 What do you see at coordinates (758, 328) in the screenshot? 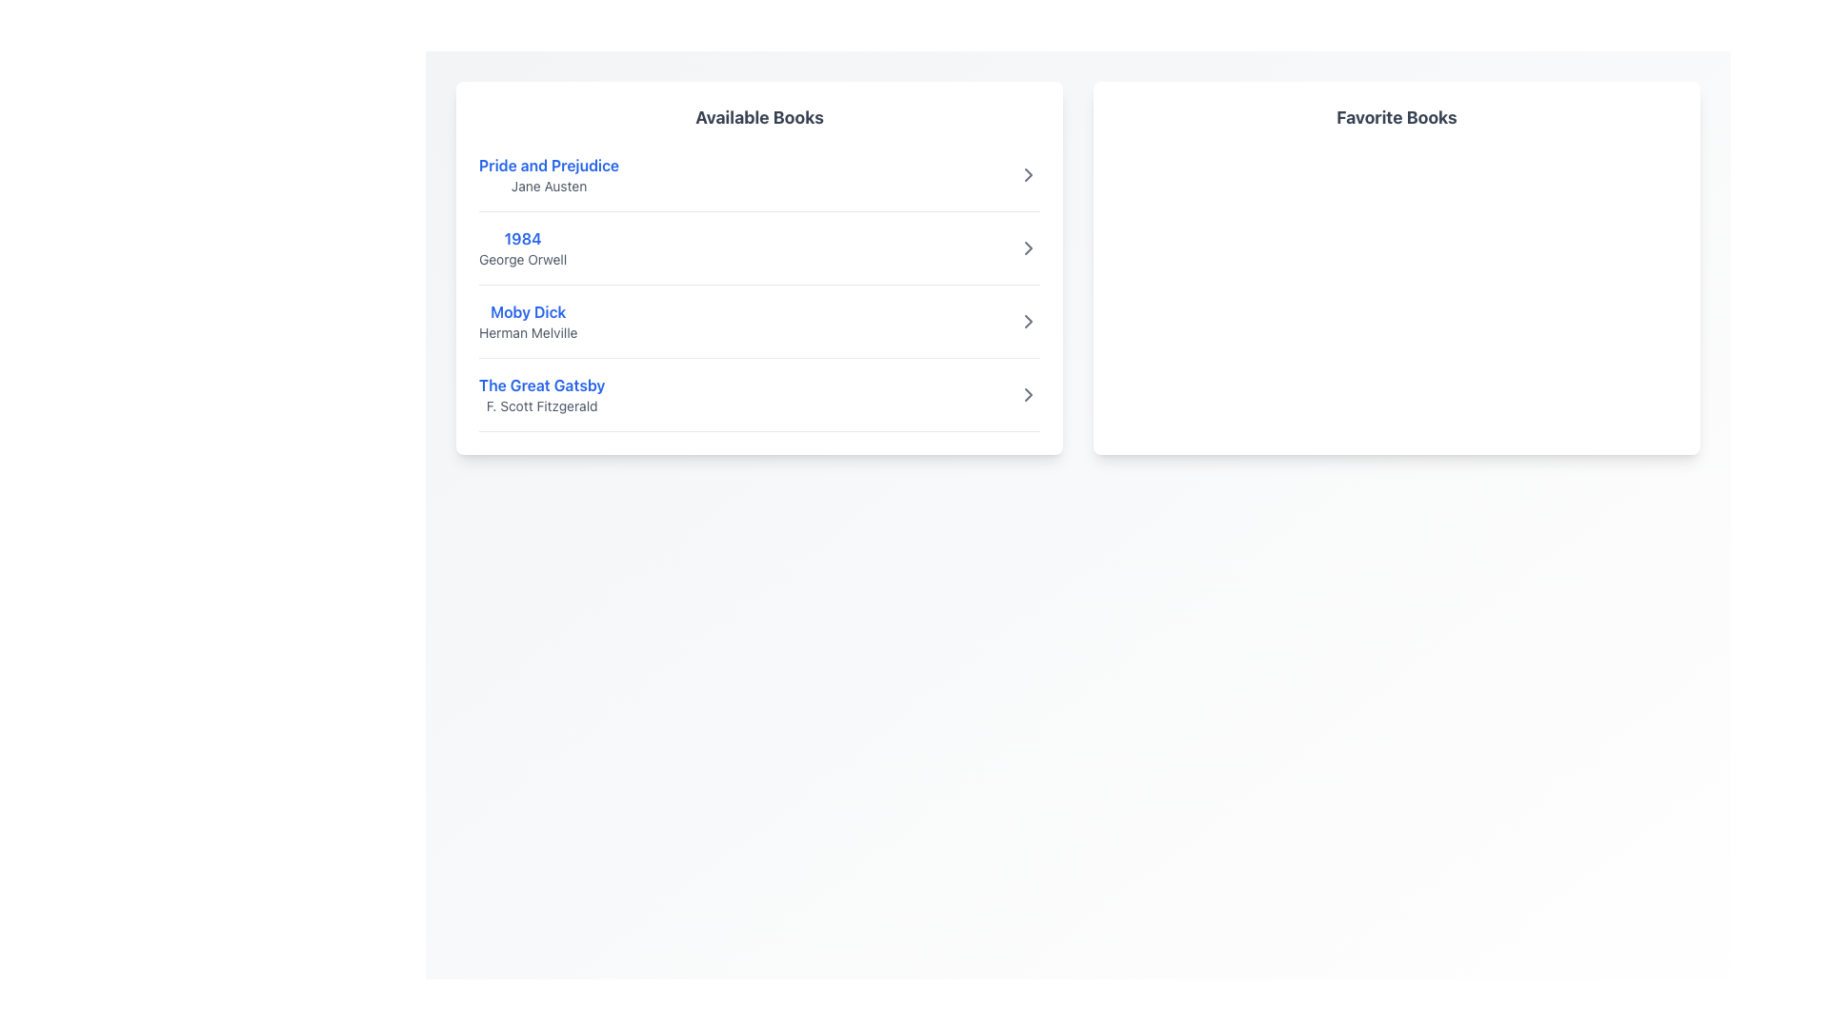
I see `the book item representing 'Moby Dick' in the 'Available Books' section` at bounding box center [758, 328].